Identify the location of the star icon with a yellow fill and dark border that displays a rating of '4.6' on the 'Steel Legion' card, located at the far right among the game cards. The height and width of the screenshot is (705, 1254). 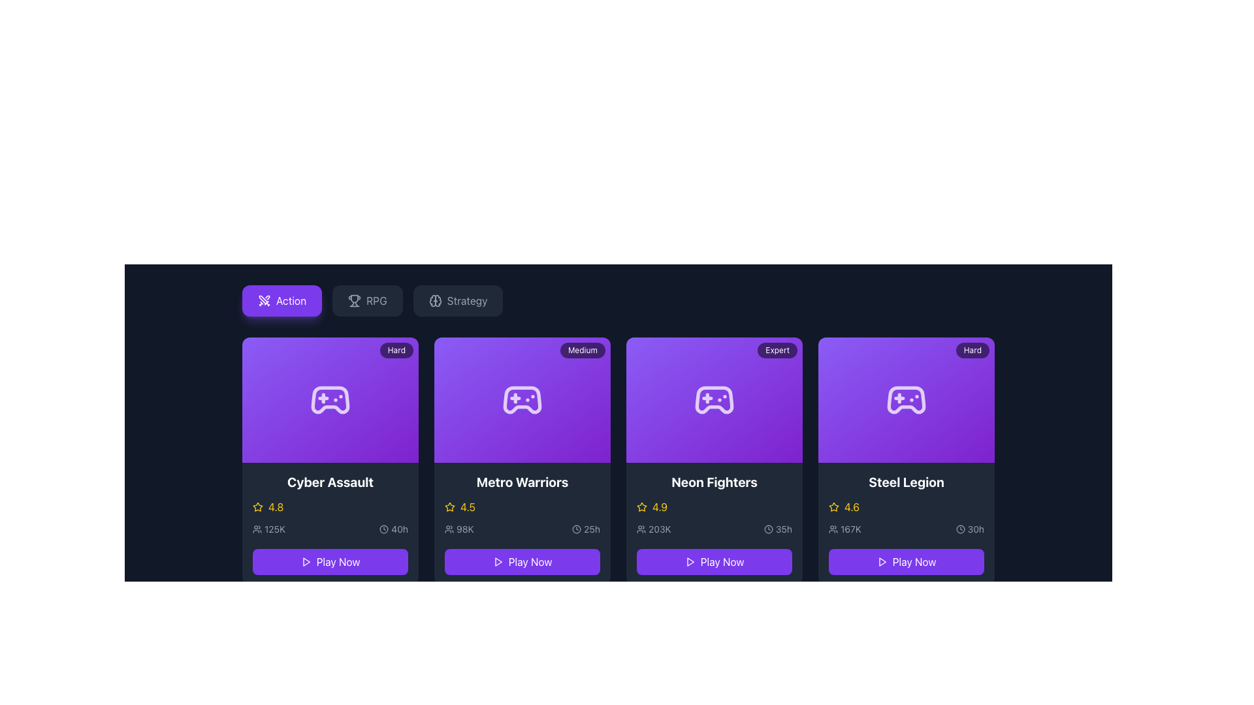
(833, 506).